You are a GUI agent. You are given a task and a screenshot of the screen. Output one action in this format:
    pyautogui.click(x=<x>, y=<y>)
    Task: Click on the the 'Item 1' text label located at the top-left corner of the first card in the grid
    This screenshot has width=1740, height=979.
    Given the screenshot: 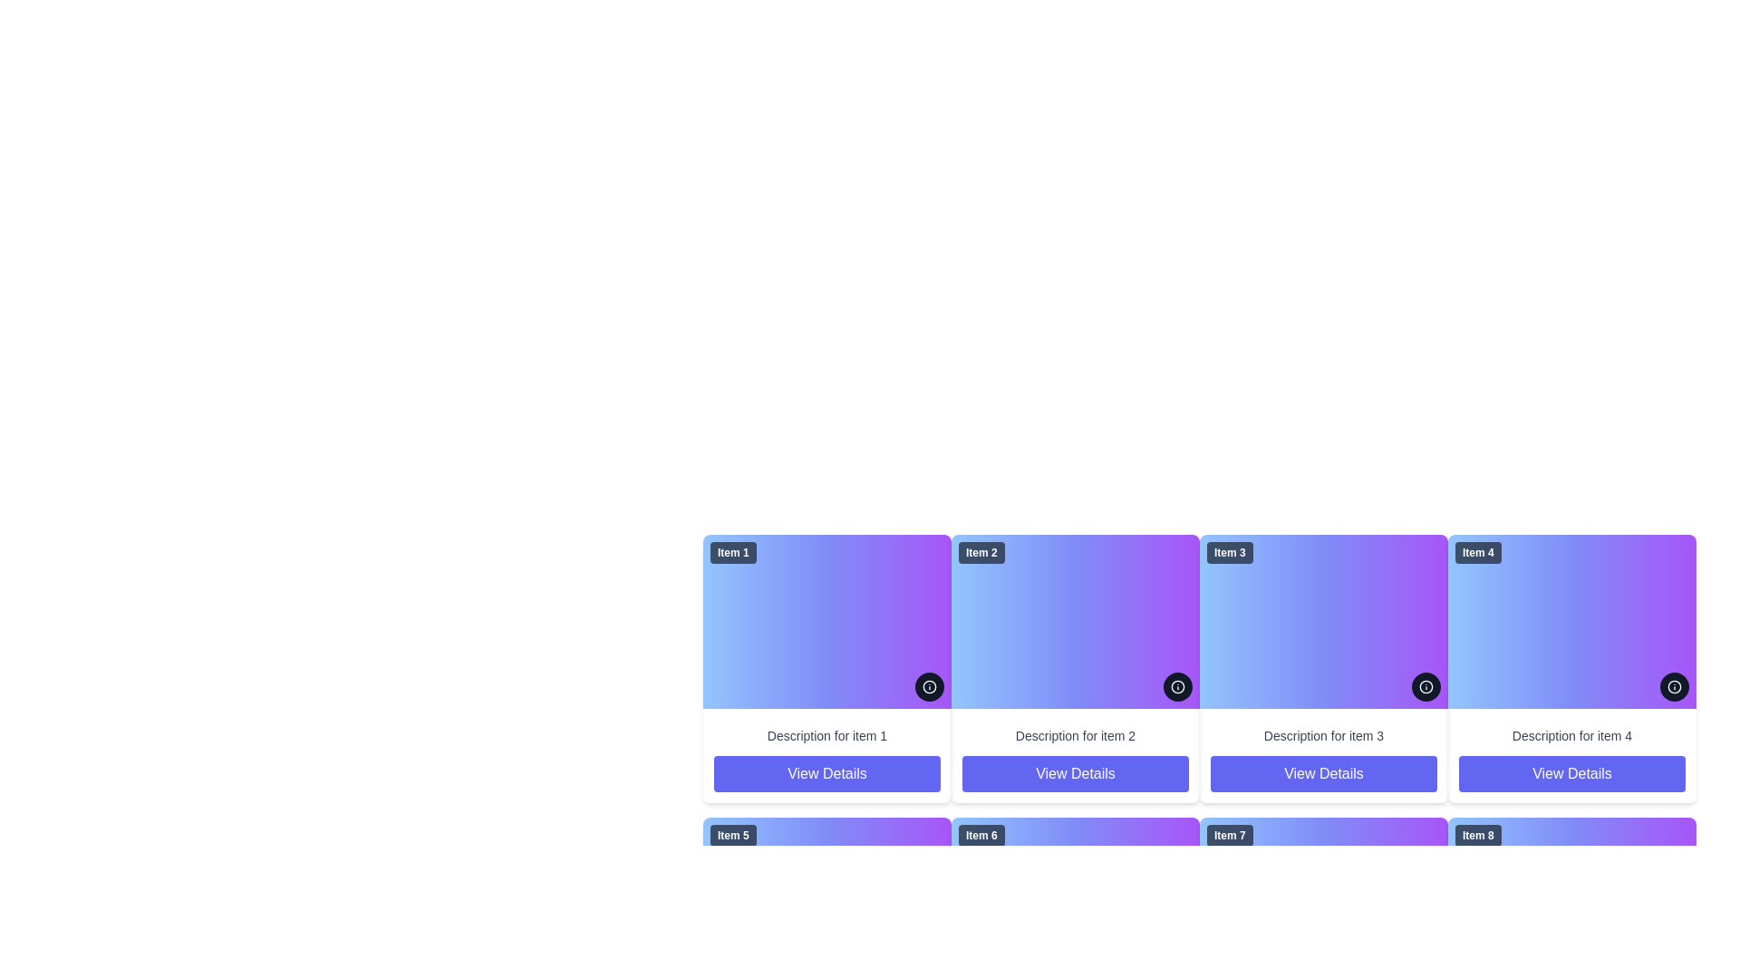 What is the action you would take?
    pyautogui.click(x=733, y=551)
    